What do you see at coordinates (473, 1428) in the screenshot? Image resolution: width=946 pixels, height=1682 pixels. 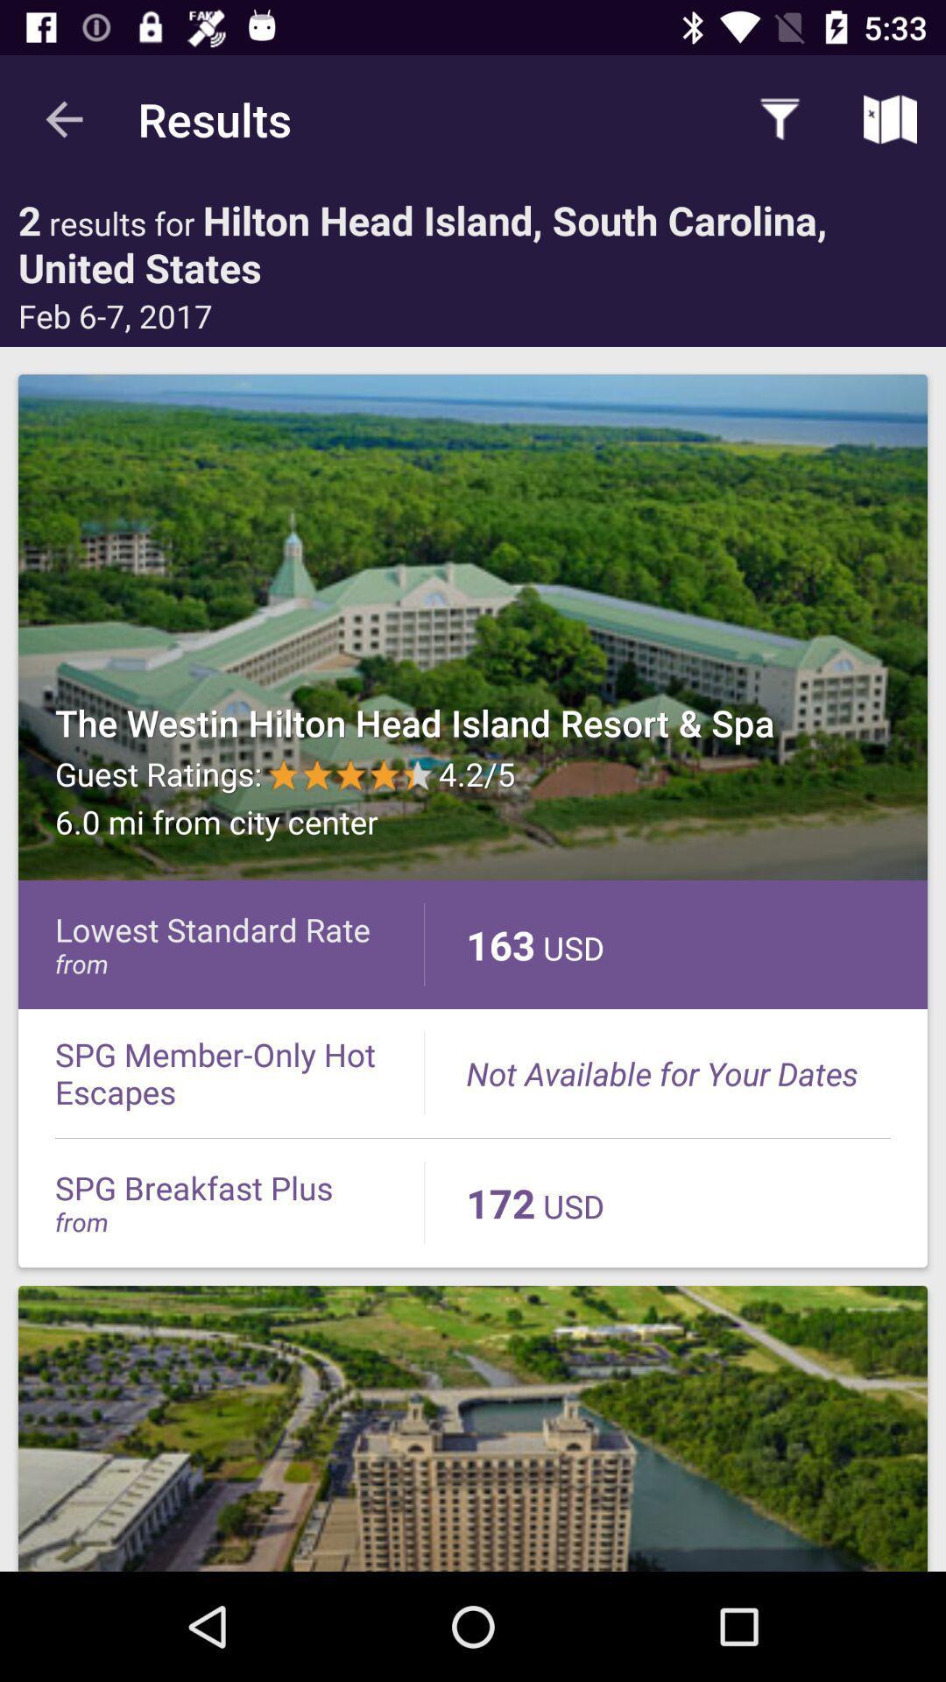 I see `click link` at bounding box center [473, 1428].